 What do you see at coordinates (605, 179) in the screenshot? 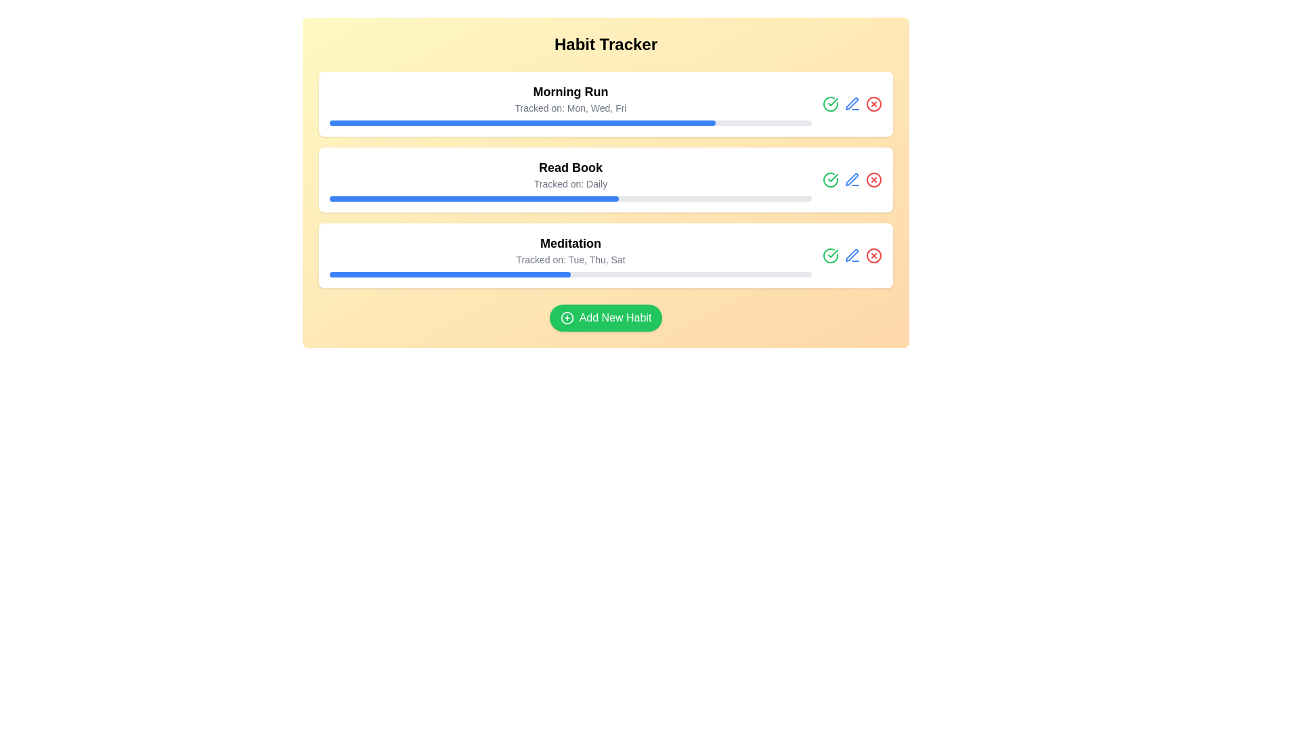
I see `the 'Read Book' text section in the habit tracker` at bounding box center [605, 179].